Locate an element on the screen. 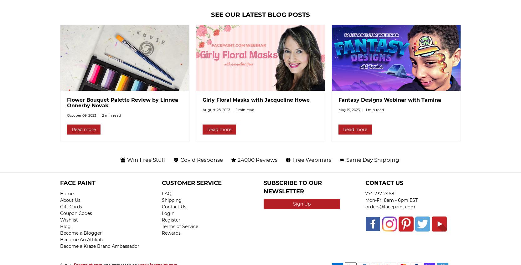  'Free Webinars' is located at coordinates (312, 159).